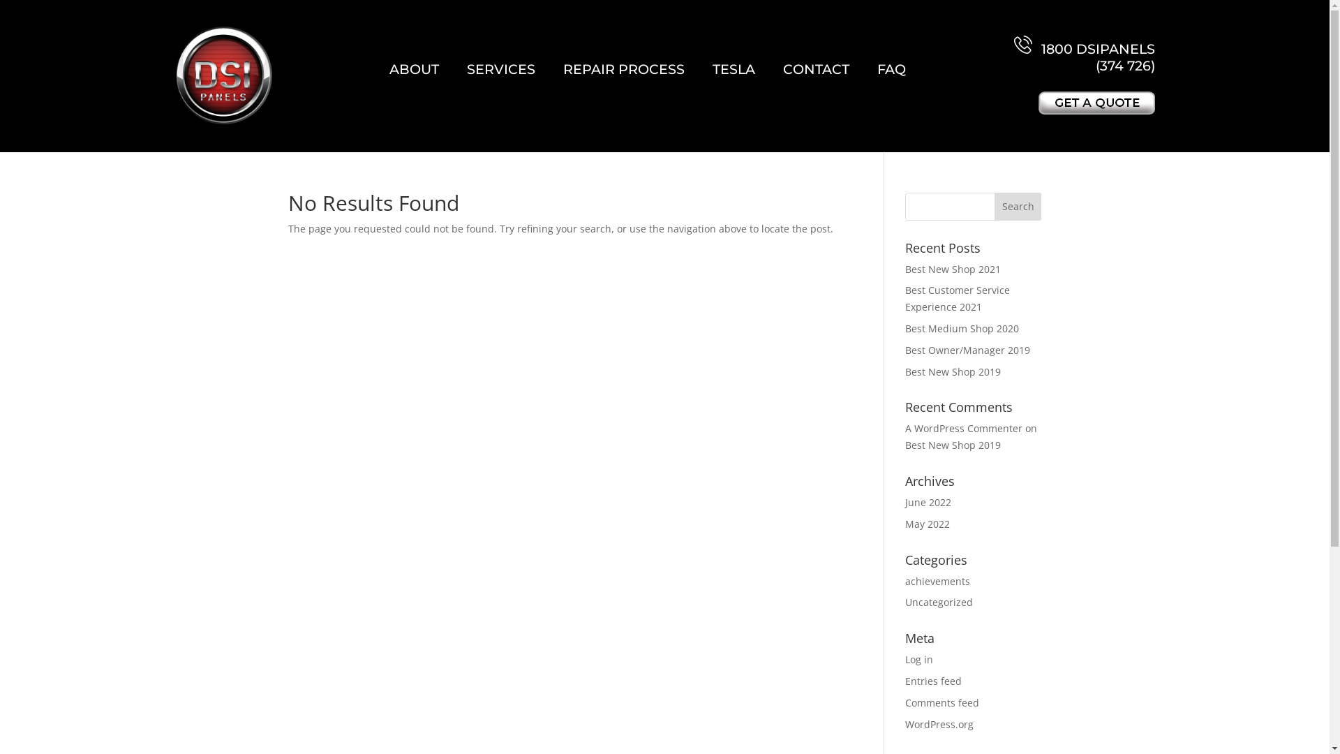 This screenshot has height=754, width=1340. I want to click on 'CONTACT', so click(816, 69).